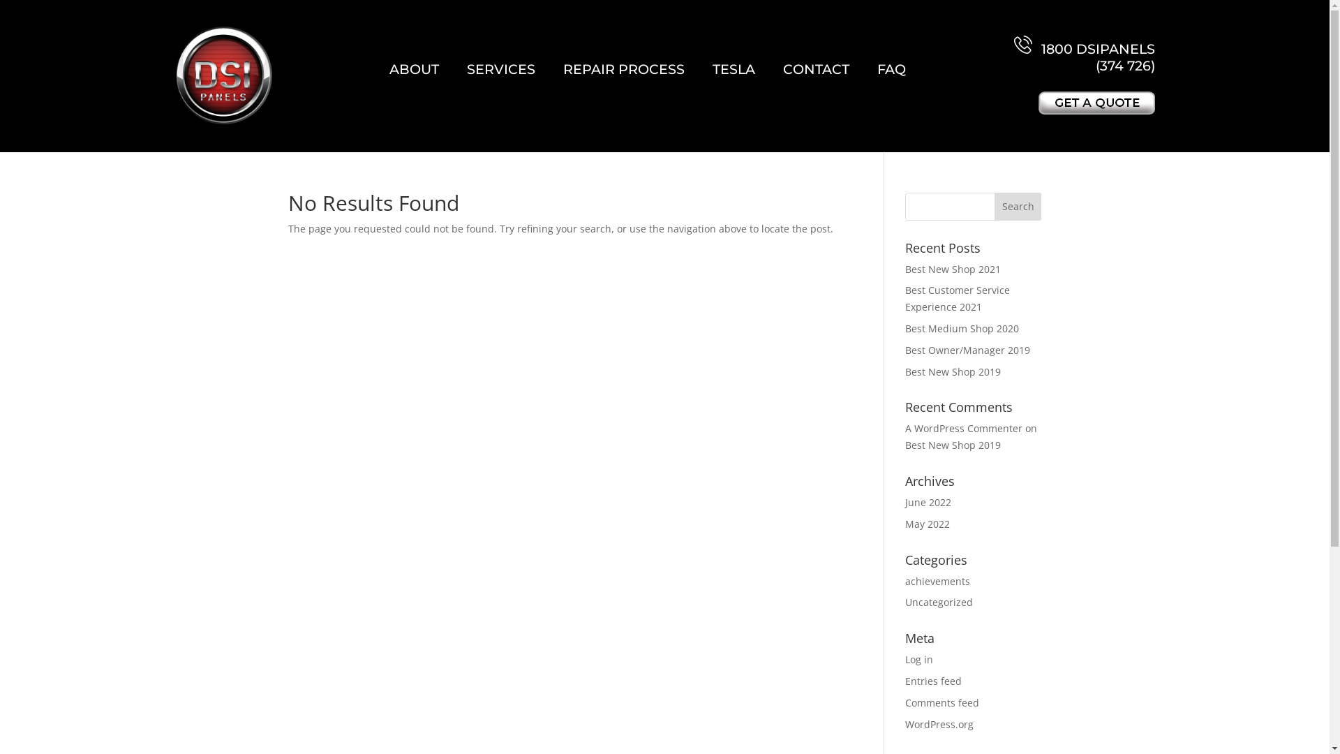 This screenshot has height=754, width=1340. I want to click on 'CONTACT', so click(816, 69).